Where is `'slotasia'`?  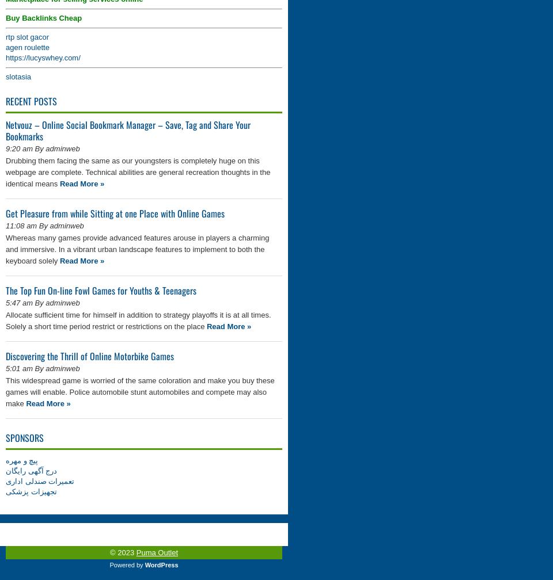 'slotasia' is located at coordinates (17, 77).